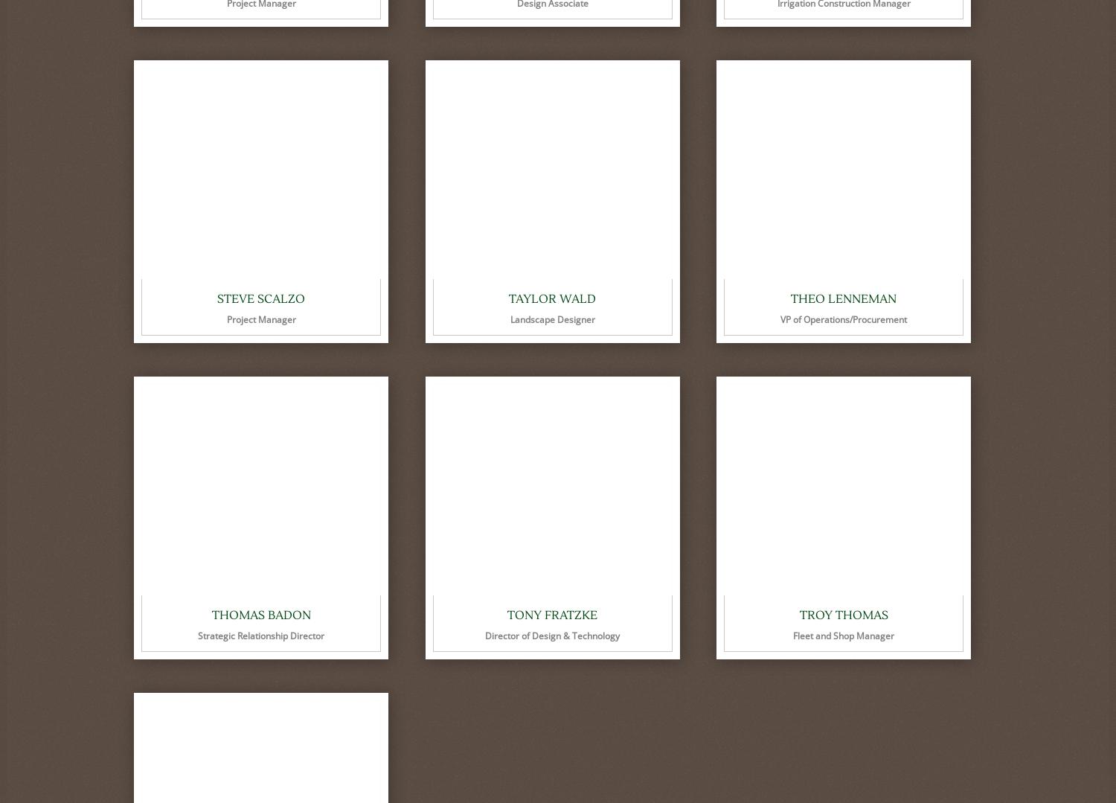 Image resolution: width=1116 pixels, height=803 pixels. Describe the element at coordinates (260, 636) in the screenshot. I see `'Strategic Relationship Director'` at that location.